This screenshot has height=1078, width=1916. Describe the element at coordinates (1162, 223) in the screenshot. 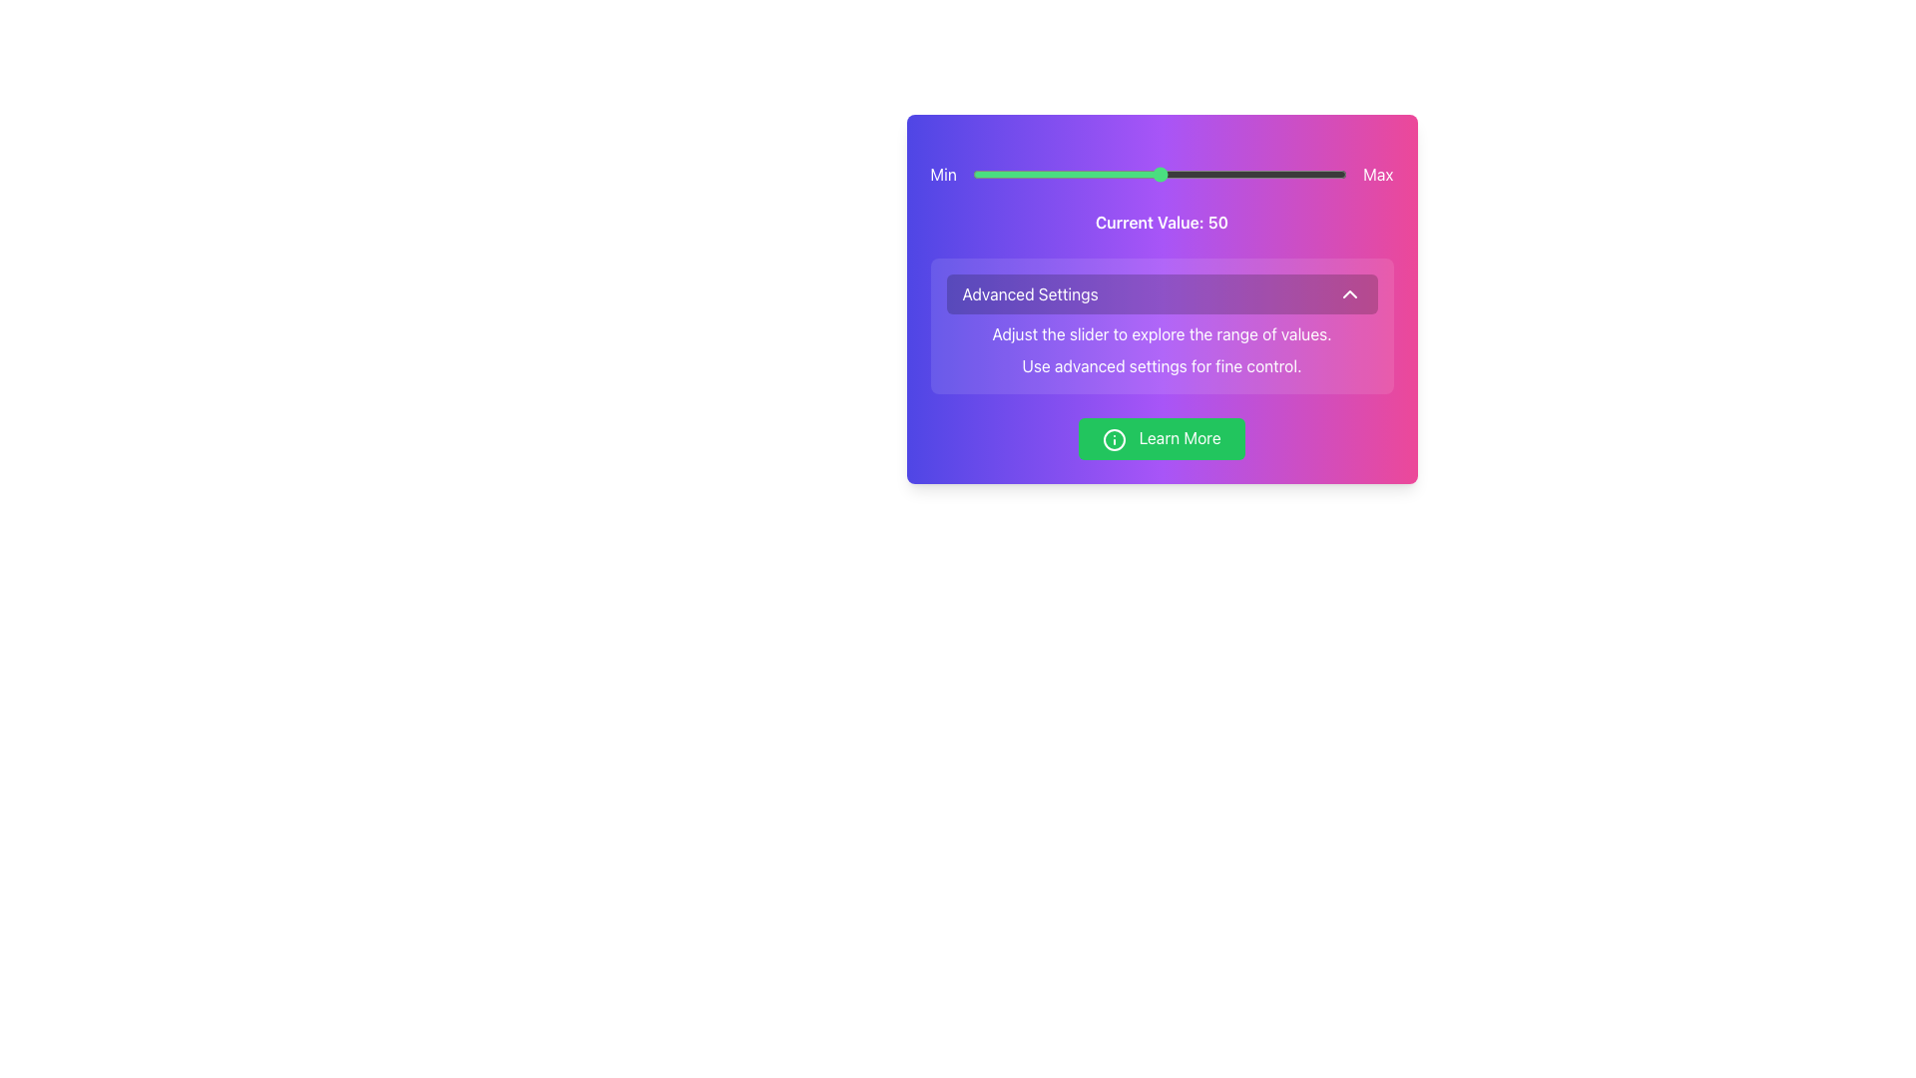

I see `text content of the text label displaying 'Current Value: 50' which is styled in bold font with a gradient background and located centrally between a slider and the 'Advanced Settings' panel` at that location.